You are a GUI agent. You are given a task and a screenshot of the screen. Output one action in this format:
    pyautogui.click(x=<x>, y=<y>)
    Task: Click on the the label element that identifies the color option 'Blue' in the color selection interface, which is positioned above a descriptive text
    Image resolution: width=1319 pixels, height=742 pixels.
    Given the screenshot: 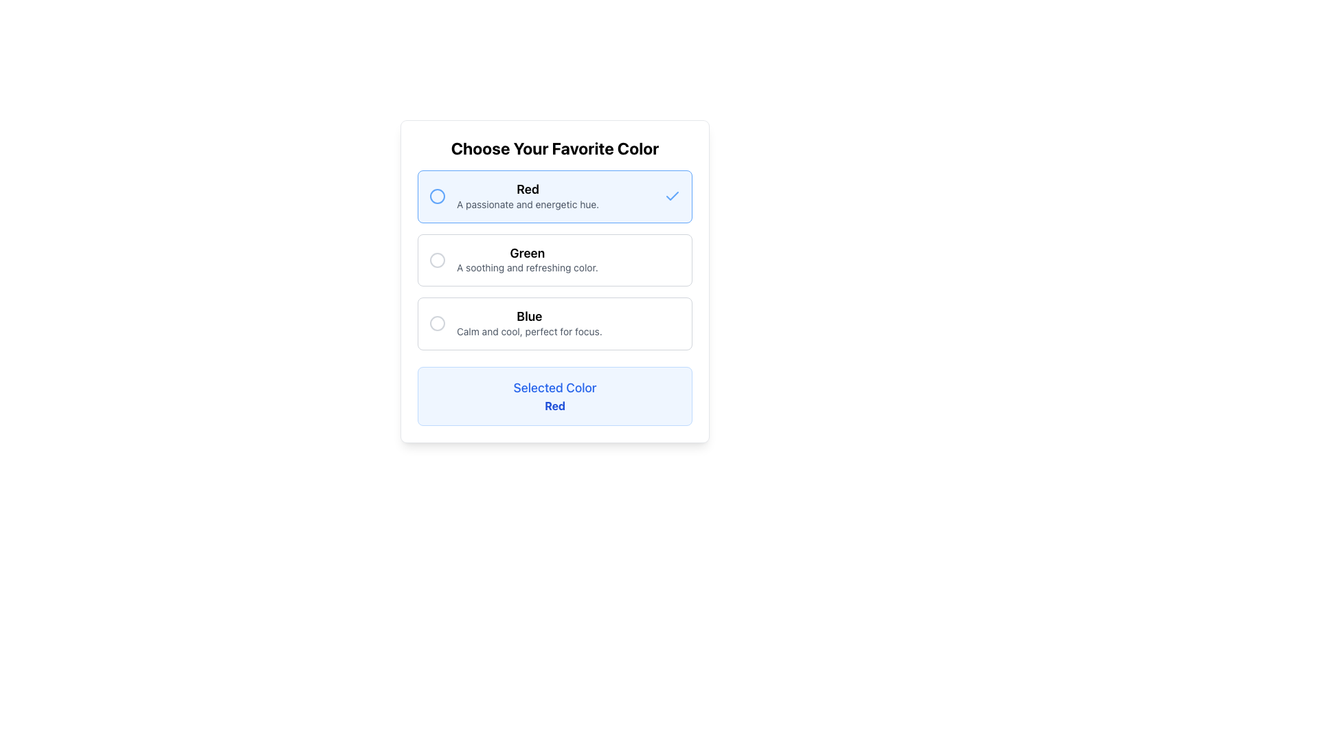 What is the action you would take?
    pyautogui.click(x=528, y=317)
    